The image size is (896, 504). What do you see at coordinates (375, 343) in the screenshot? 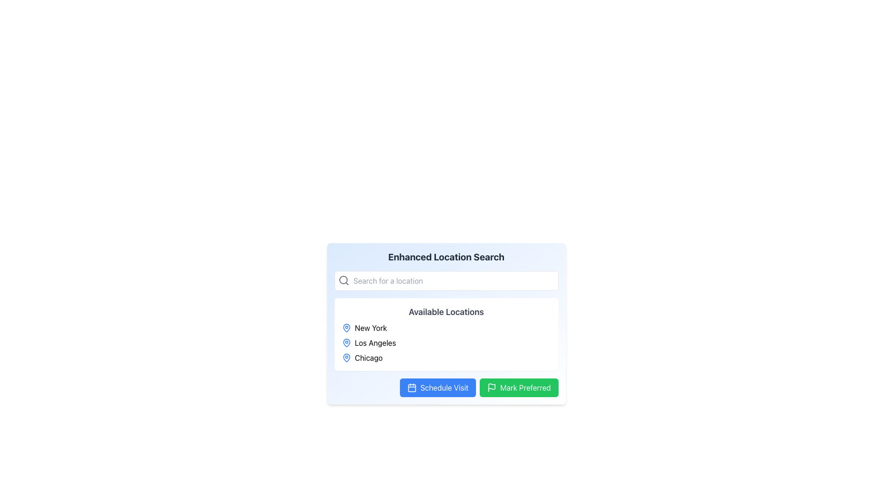
I see `text label 'Los Angeles', which is displayed in black and aligned horizontally next to a blue location pin icon` at bounding box center [375, 343].